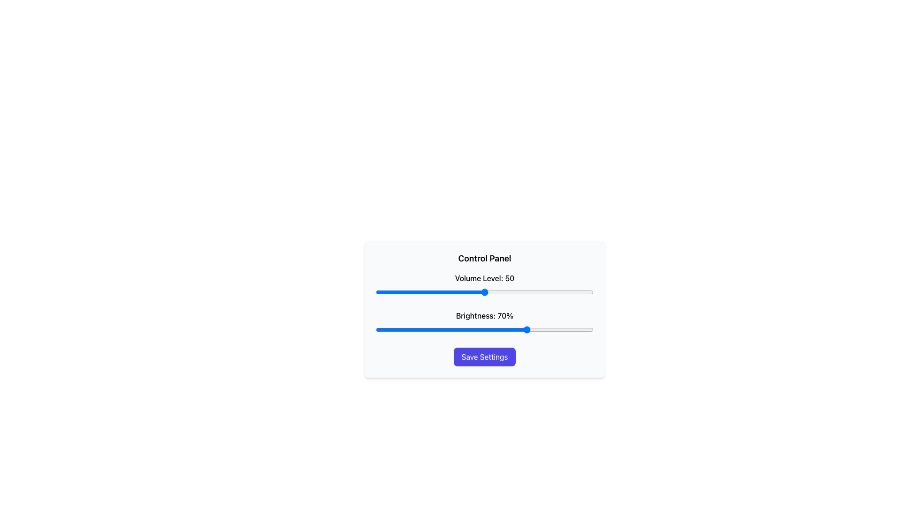 The image size is (901, 506). What do you see at coordinates (484, 316) in the screenshot?
I see `the text label displaying 'Brightness: 70%' which is located above the brightness slider control in the control panel` at bounding box center [484, 316].